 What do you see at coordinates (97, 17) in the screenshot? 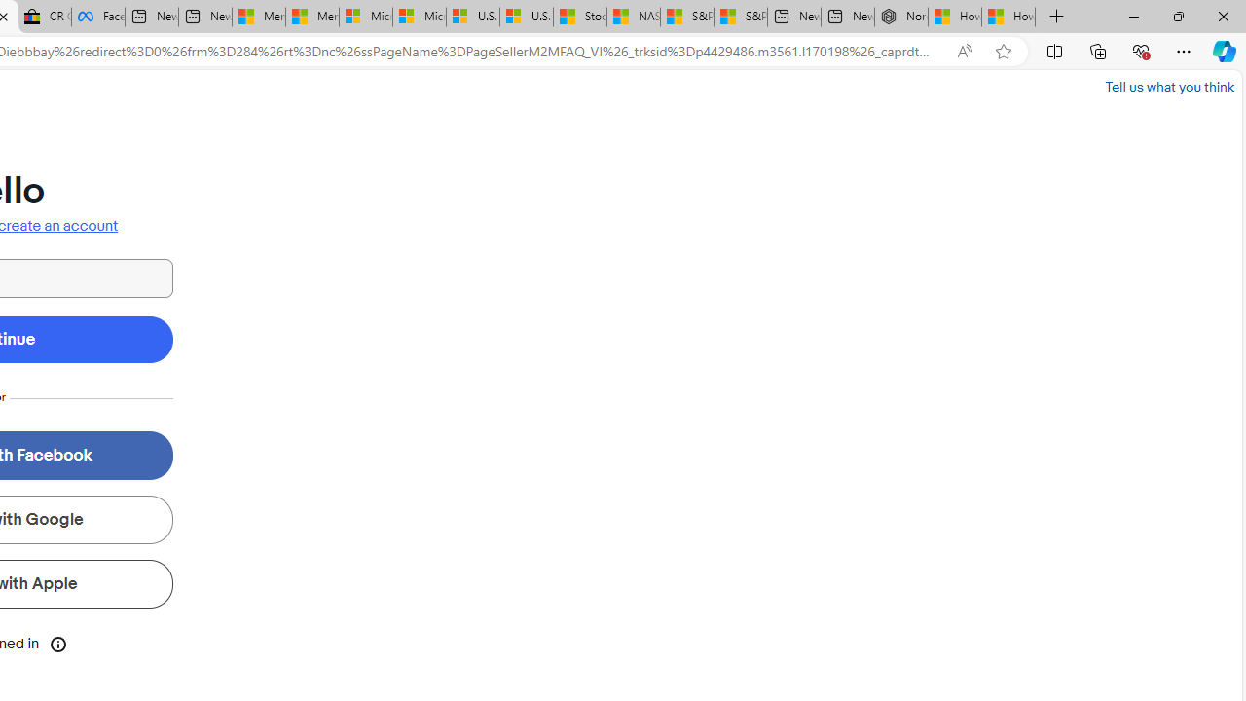
I see `'Facebook'` at bounding box center [97, 17].